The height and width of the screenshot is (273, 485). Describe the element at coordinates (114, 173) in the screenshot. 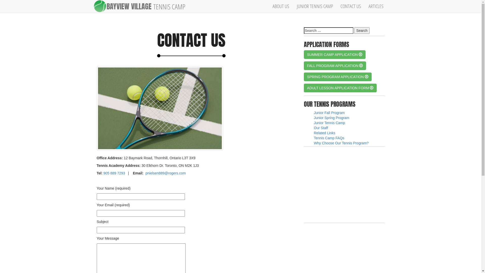

I see `'905 889 7293'` at that location.